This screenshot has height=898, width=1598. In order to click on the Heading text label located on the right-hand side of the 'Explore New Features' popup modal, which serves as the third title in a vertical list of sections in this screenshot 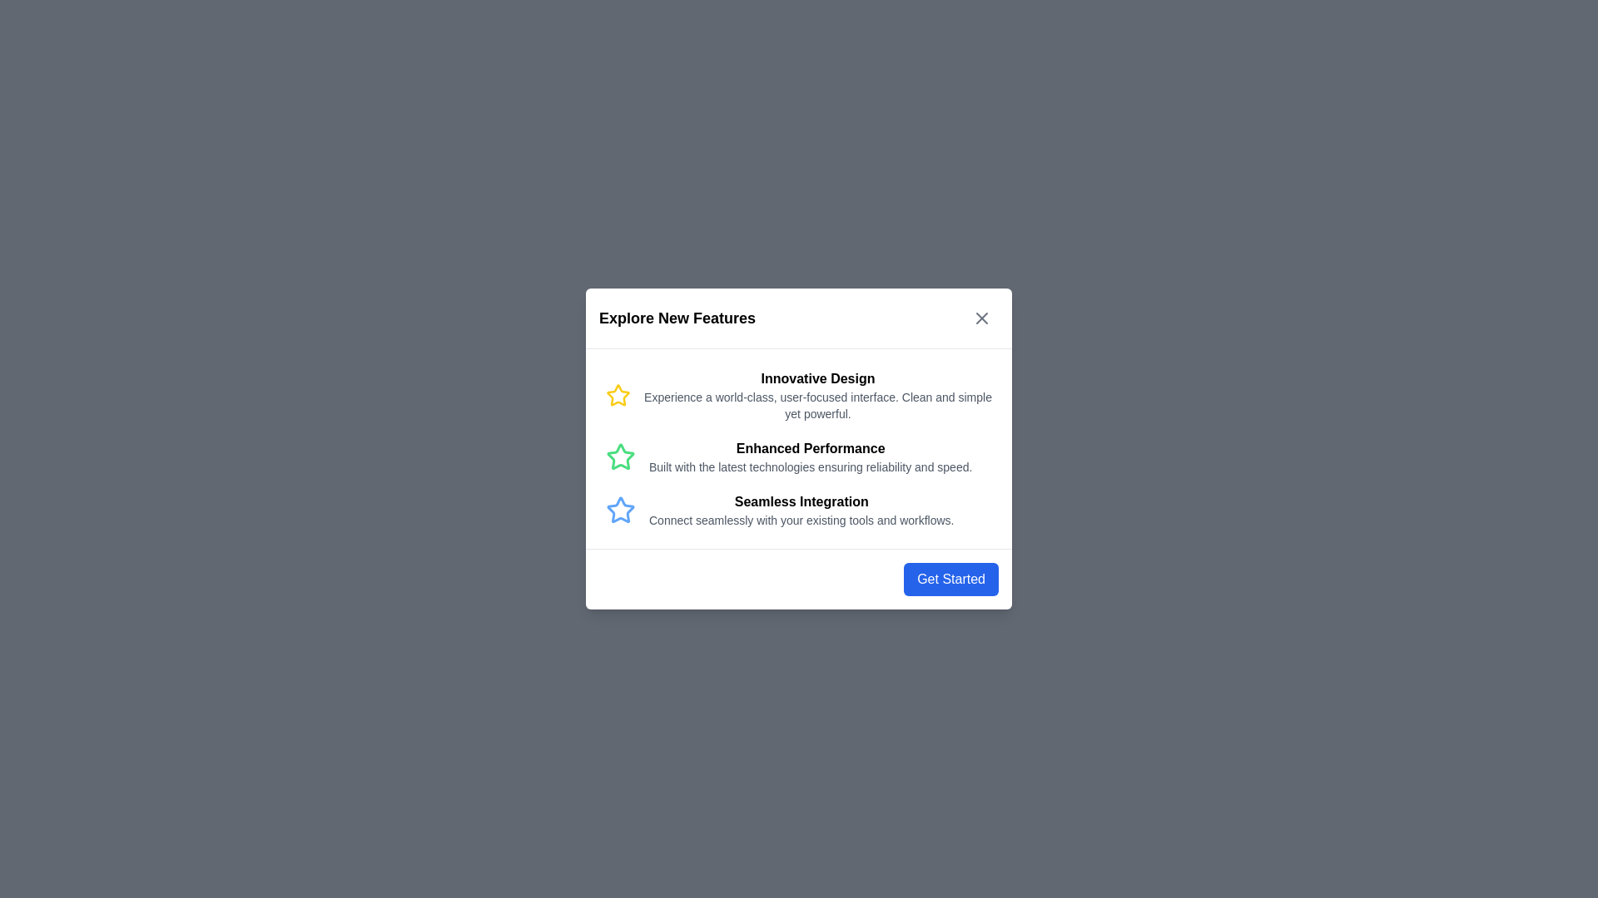, I will do `click(801, 501)`.